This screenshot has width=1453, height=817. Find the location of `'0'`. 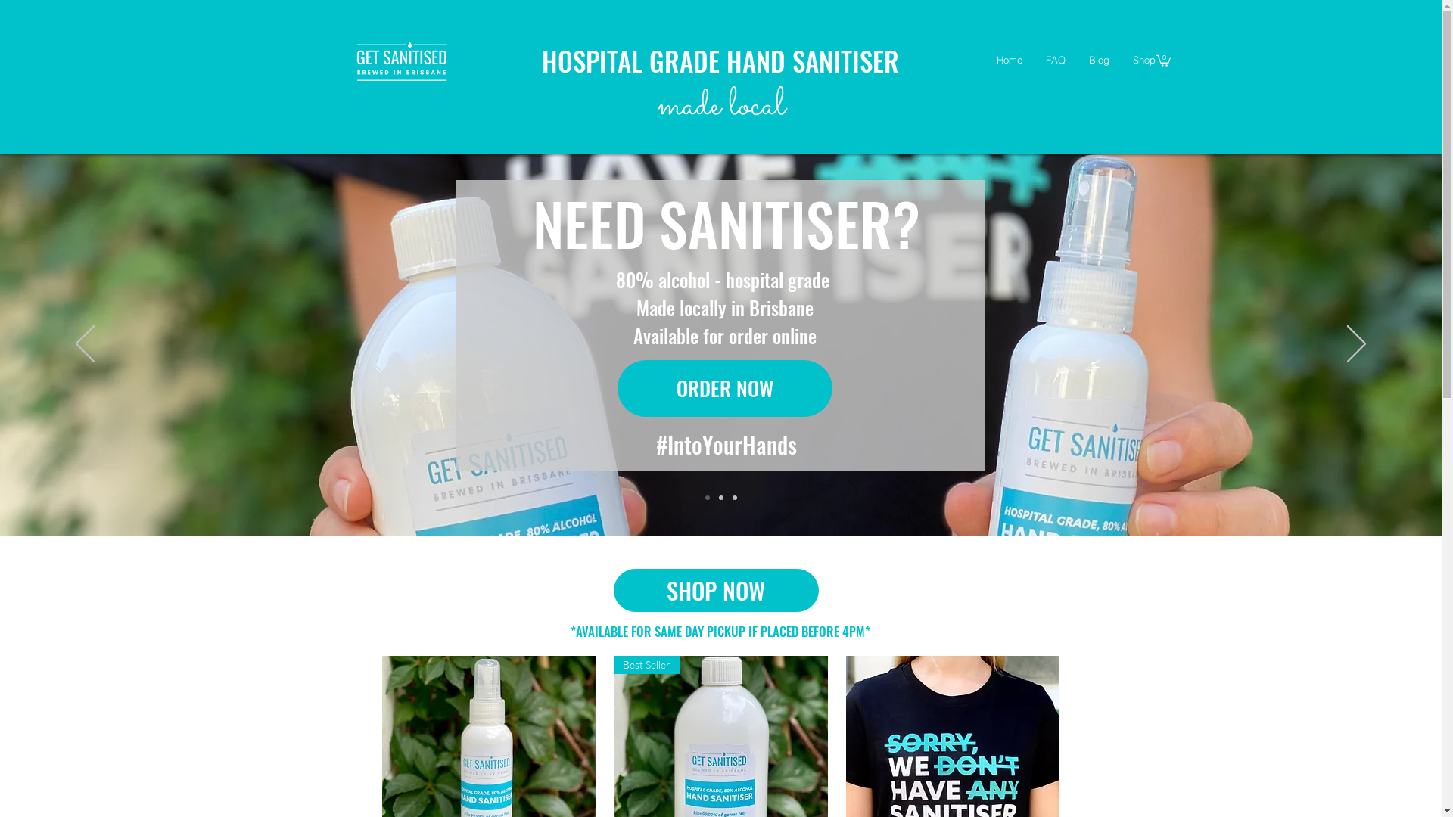

'0' is located at coordinates (1162, 59).